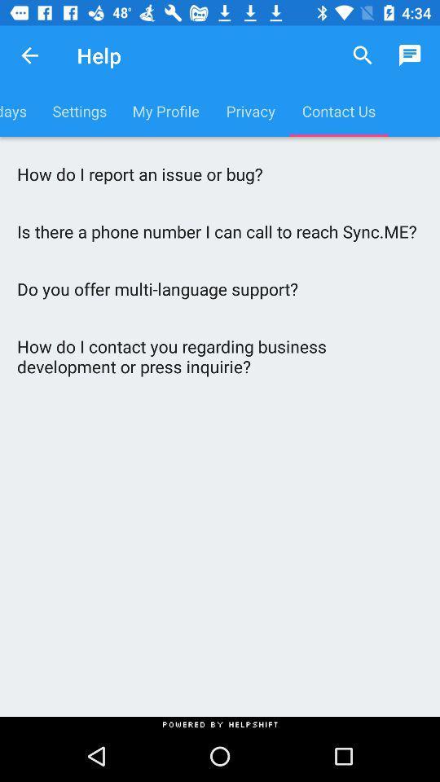  What do you see at coordinates (29, 55) in the screenshot?
I see `the icon above birthdays` at bounding box center [29, 55].